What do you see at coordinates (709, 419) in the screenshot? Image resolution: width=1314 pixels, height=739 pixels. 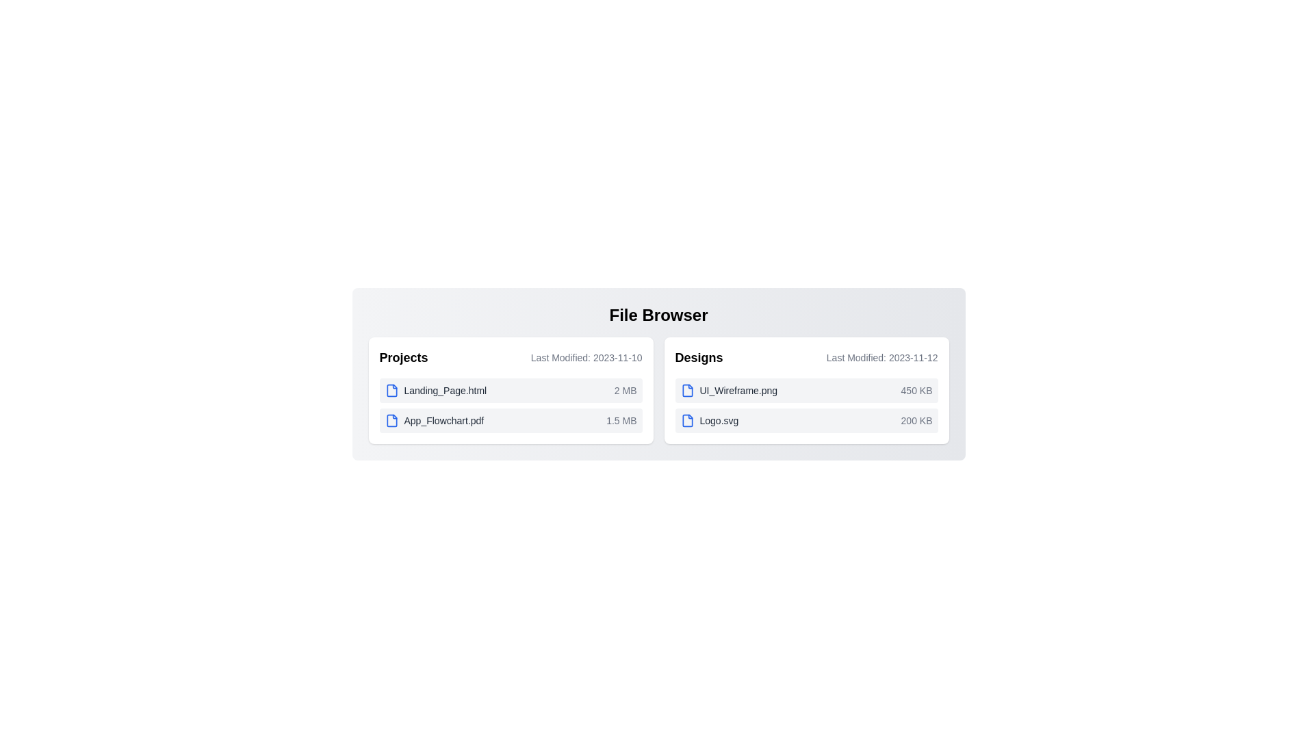 I see `the file named Logo.svg to select it` at bounding box center [709, 419].